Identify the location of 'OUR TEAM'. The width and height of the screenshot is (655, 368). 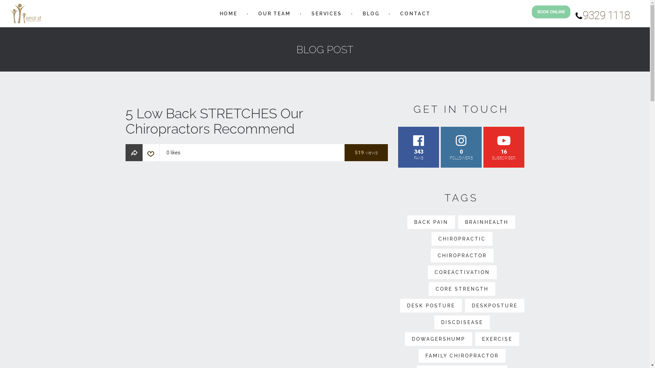
(274, 13).